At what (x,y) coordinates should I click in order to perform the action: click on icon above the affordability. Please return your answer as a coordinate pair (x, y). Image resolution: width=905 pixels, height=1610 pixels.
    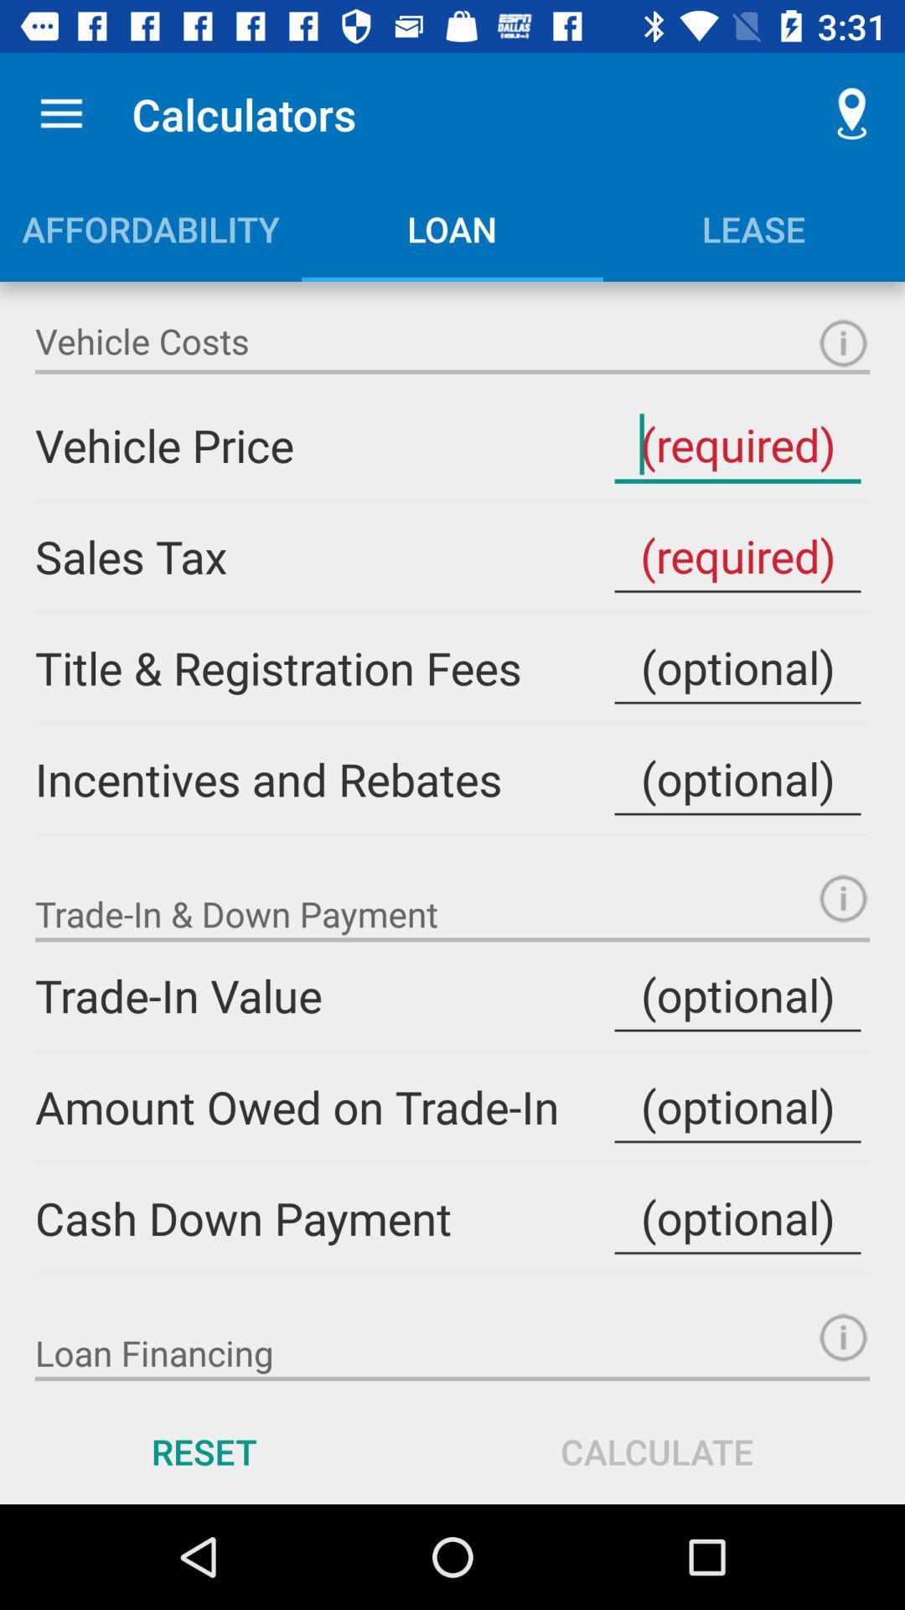
    Looking at the image, I should click on (60, 113).